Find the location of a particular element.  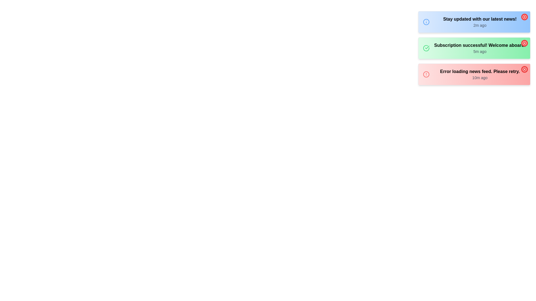

the static text label displaying '5m ago', which is styled in light gray and positioned beneath the main message 'Subscription successful! Welcome aboard!' is located at coordinates (480, 52).